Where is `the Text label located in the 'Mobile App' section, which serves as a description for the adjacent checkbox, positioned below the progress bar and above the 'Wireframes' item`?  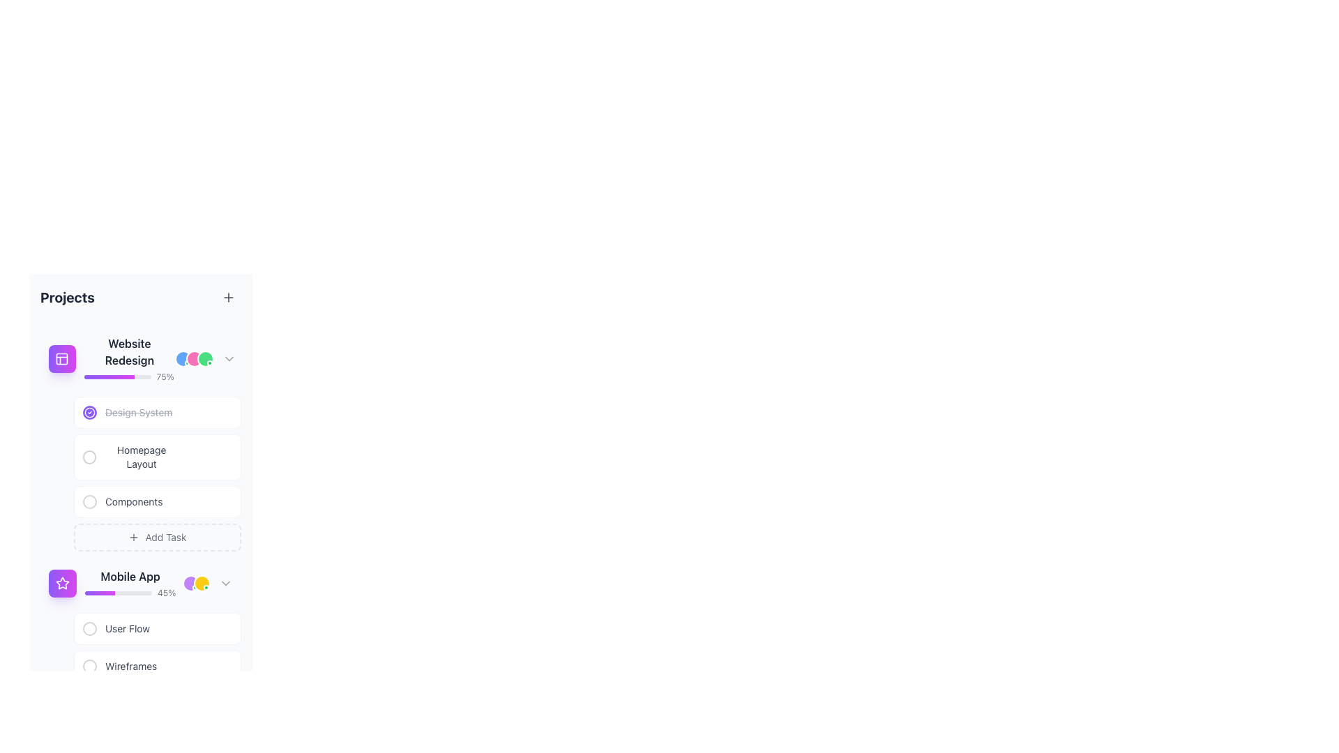 the Text label located in the 'Mobile App' section, which serves as a description for the adjacent checkbox, positioned below the progress bar and above the 'Wireframes' item is located at coordinates (127, 629).